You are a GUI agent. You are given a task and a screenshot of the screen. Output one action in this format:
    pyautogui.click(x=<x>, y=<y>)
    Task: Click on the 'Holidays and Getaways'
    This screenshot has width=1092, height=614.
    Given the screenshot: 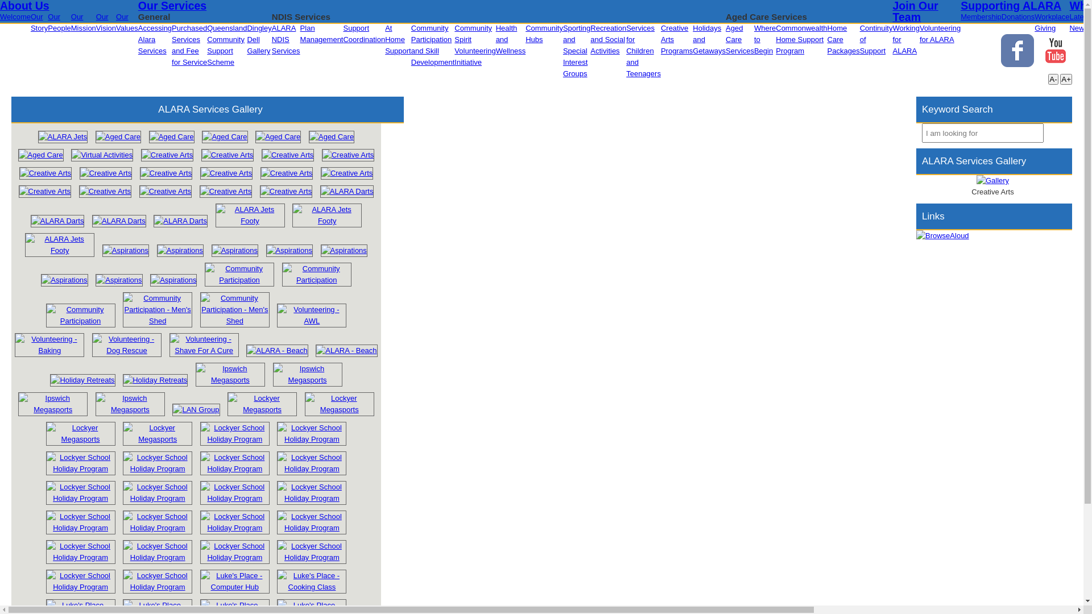 What is the action you would take?
    pyautogui.click(x=709, y=39)
    